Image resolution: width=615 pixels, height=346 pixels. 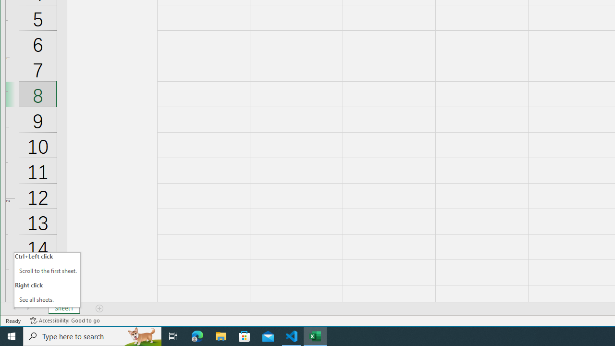 I want to click on 'Task View', so click(x=172, y=335).